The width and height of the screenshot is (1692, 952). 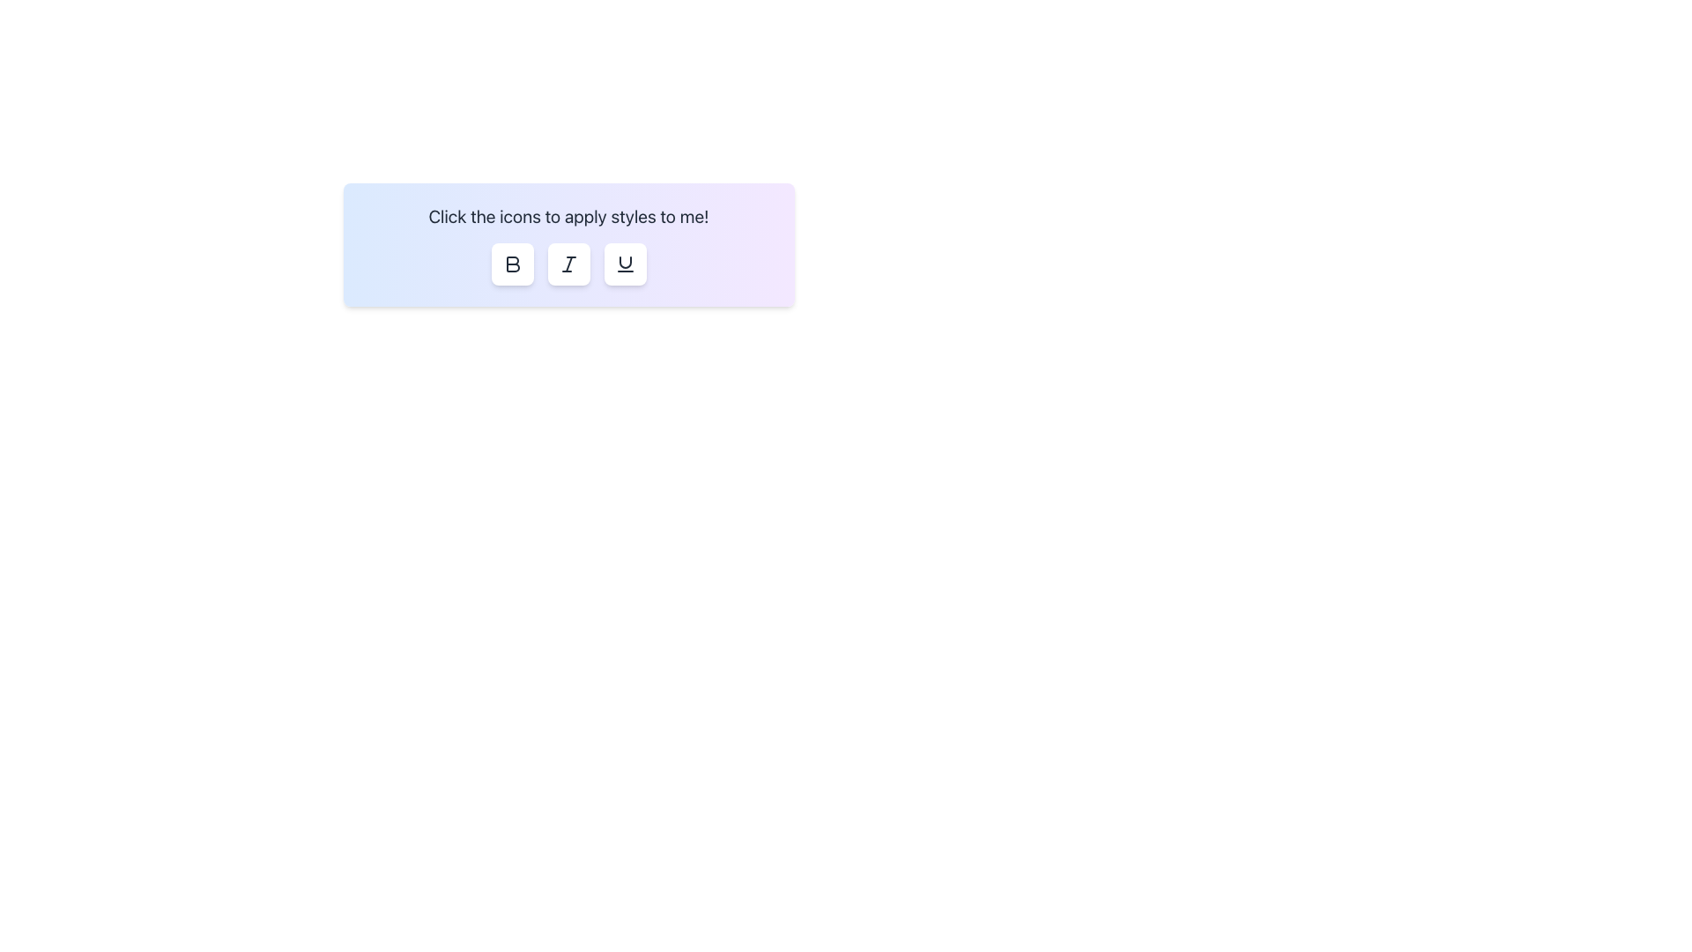 What do you see at coordinates (568, 264) in the screenshot?
I see `the button that toggles the italic text style, located in the center of the second row of buttons below the text 'Click the icons to apply styles to me!'` at bounding box center [568, 264].